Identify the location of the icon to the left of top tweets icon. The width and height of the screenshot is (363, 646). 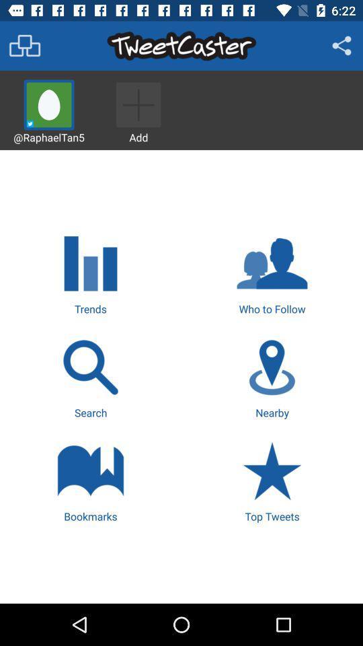
(91, 480).